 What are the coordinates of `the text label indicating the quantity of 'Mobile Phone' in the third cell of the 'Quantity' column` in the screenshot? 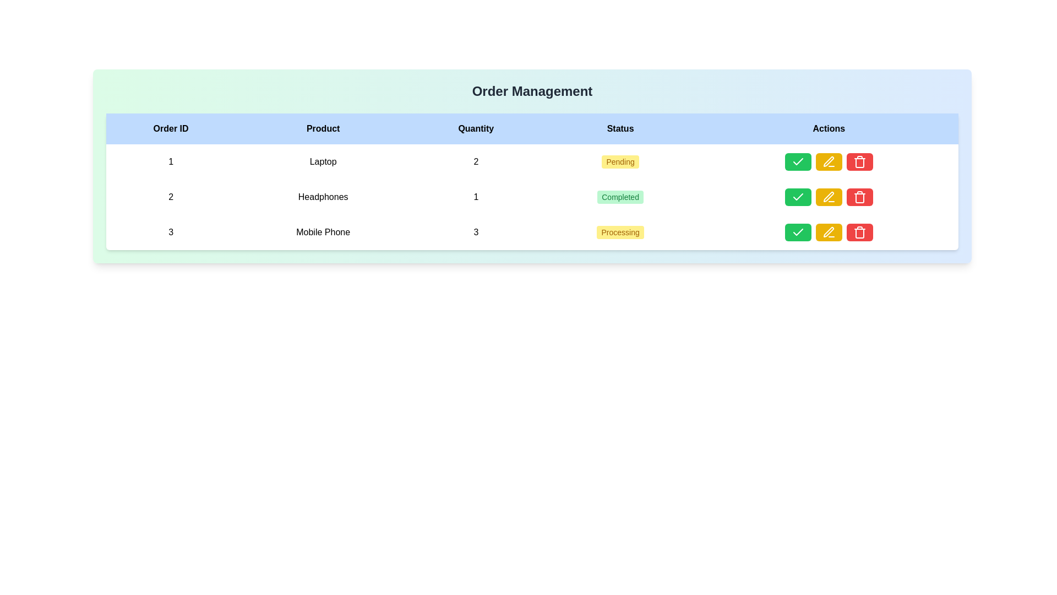 It's located at (476, 231).